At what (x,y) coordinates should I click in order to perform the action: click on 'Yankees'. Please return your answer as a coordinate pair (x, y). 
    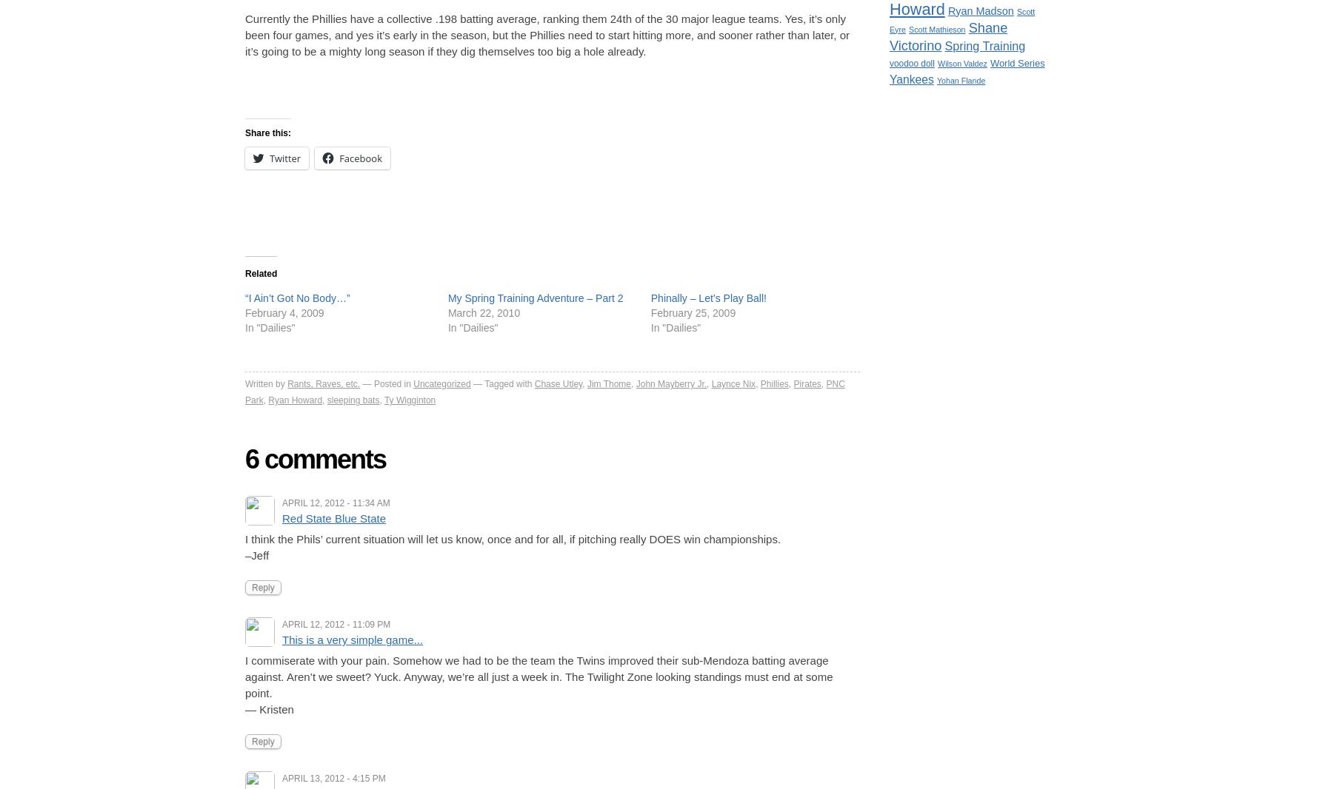
    Looking at the image, I should click on (910, 78).